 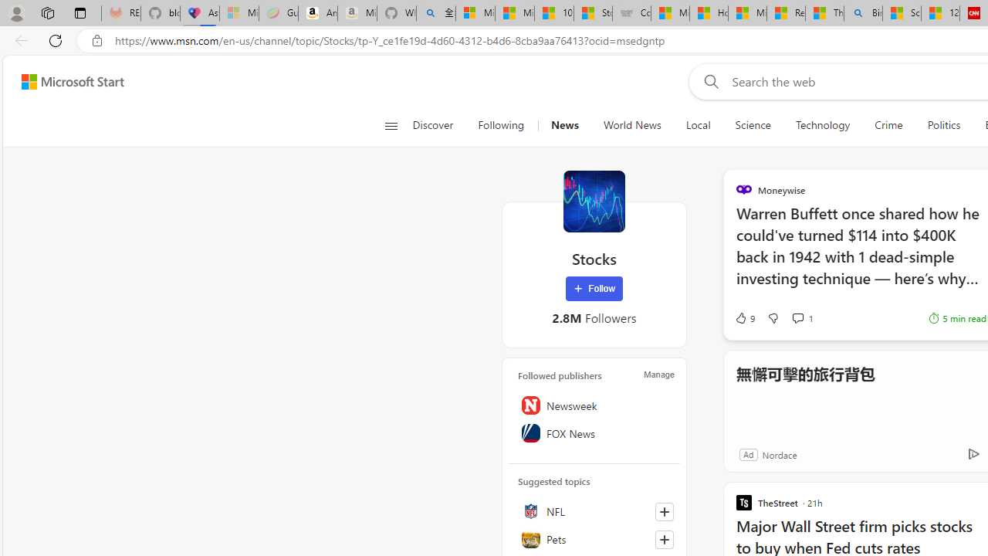 What do you see at coordinates (594, 538) in the screenshot?
I see `'Pets'` at bounding box center [594, 538].